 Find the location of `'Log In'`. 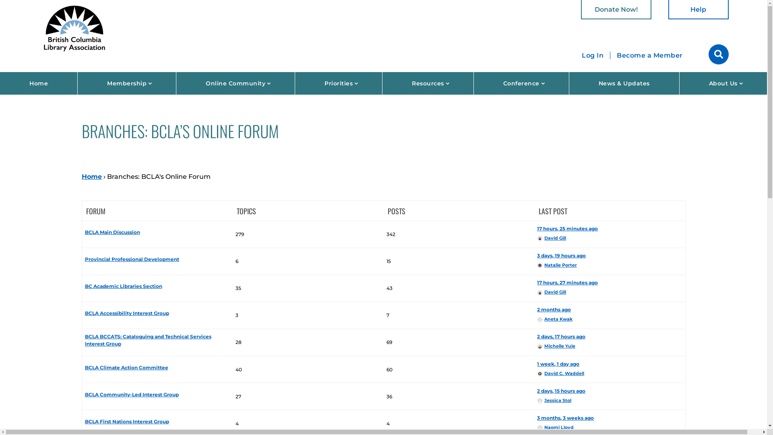

'Log In' is located at coordinates (593, 55).